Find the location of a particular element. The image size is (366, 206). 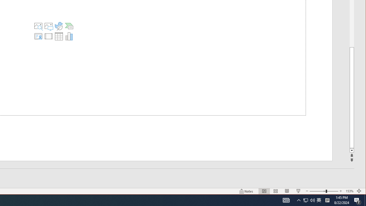

'Insert Cameo' is located at coordinates (38, 36).